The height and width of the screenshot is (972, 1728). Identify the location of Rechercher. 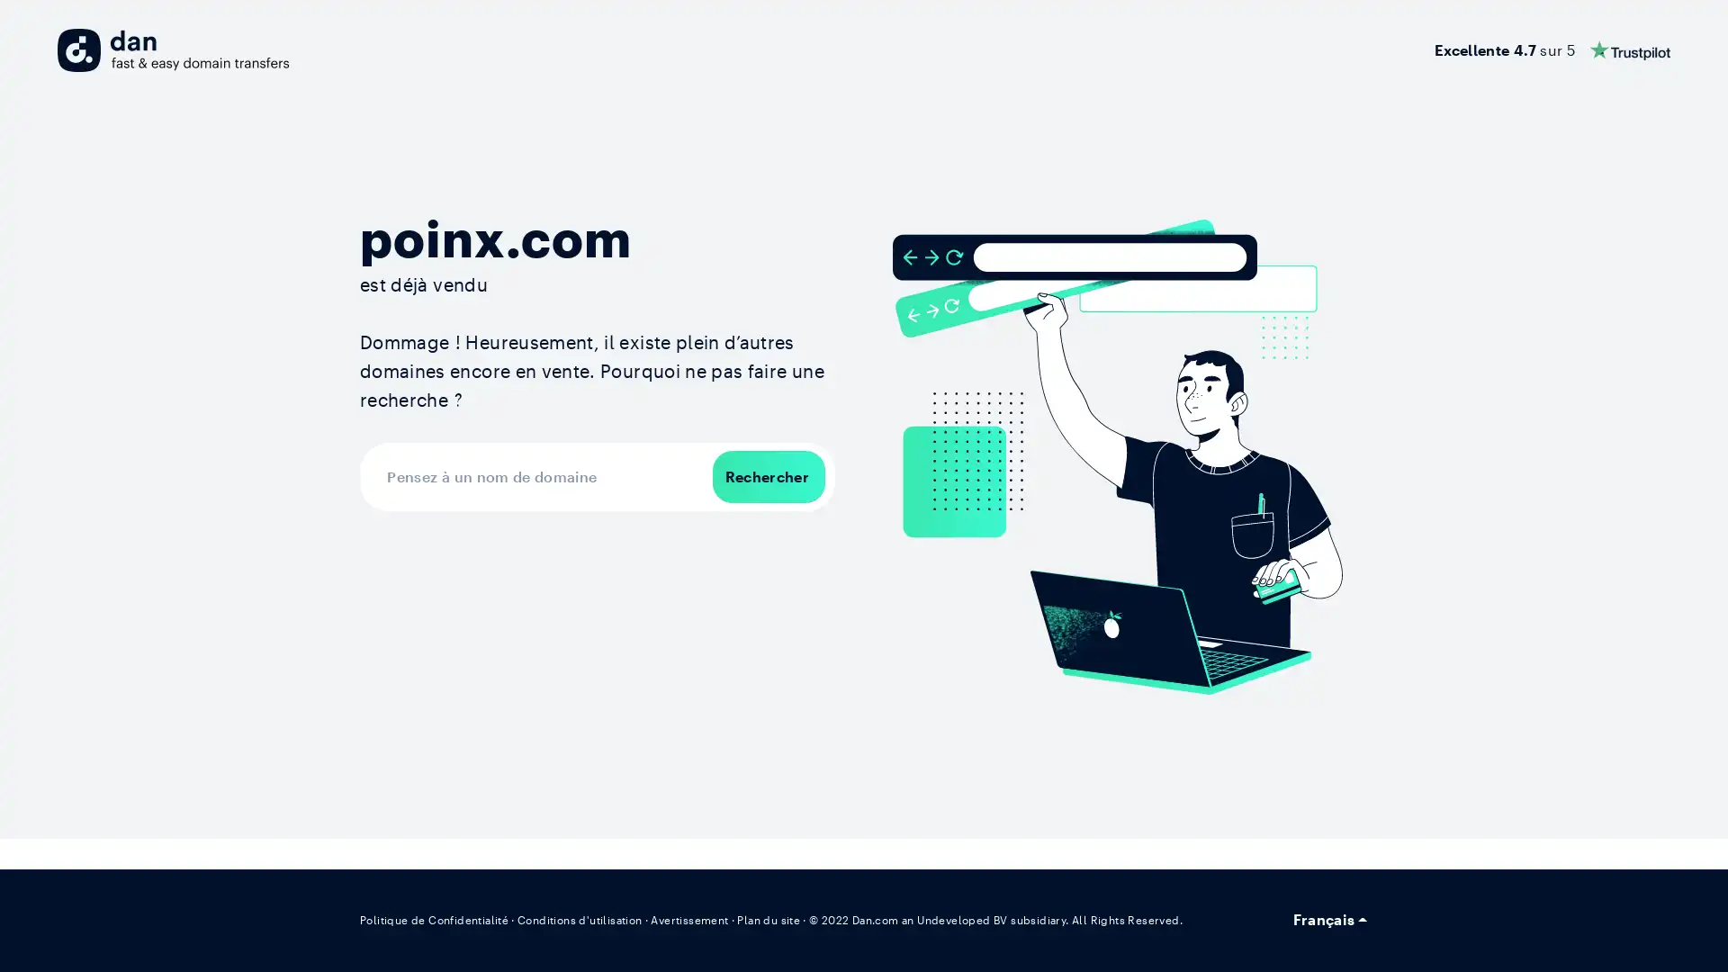
(768, 474).